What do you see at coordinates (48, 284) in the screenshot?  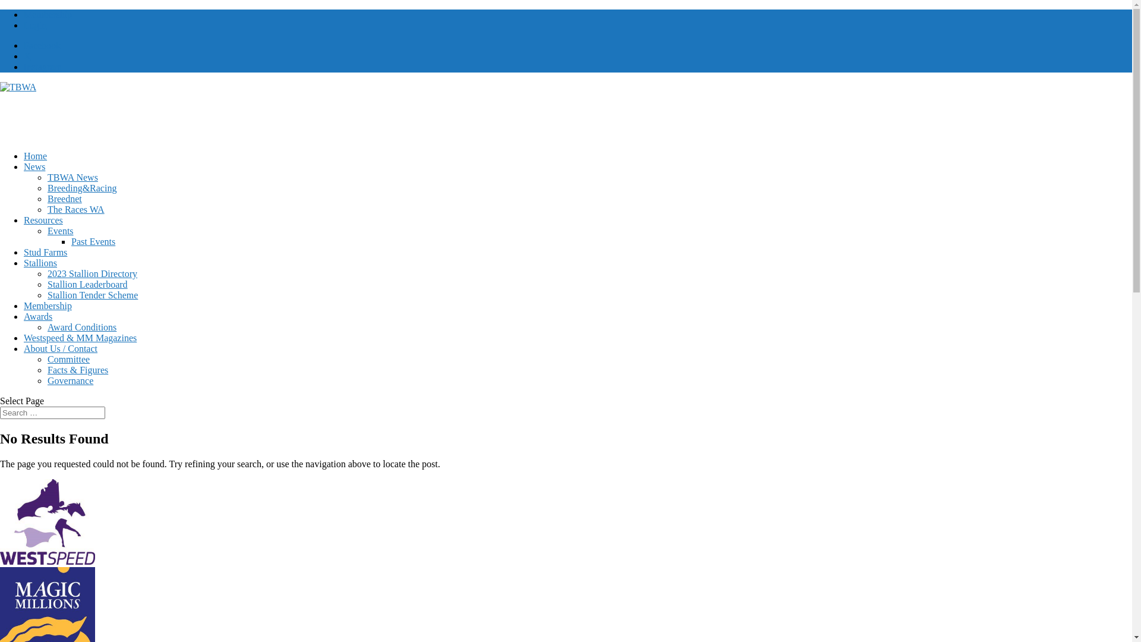 I see `'Stallion Leaderboard'` at bounding box center [48, 284].